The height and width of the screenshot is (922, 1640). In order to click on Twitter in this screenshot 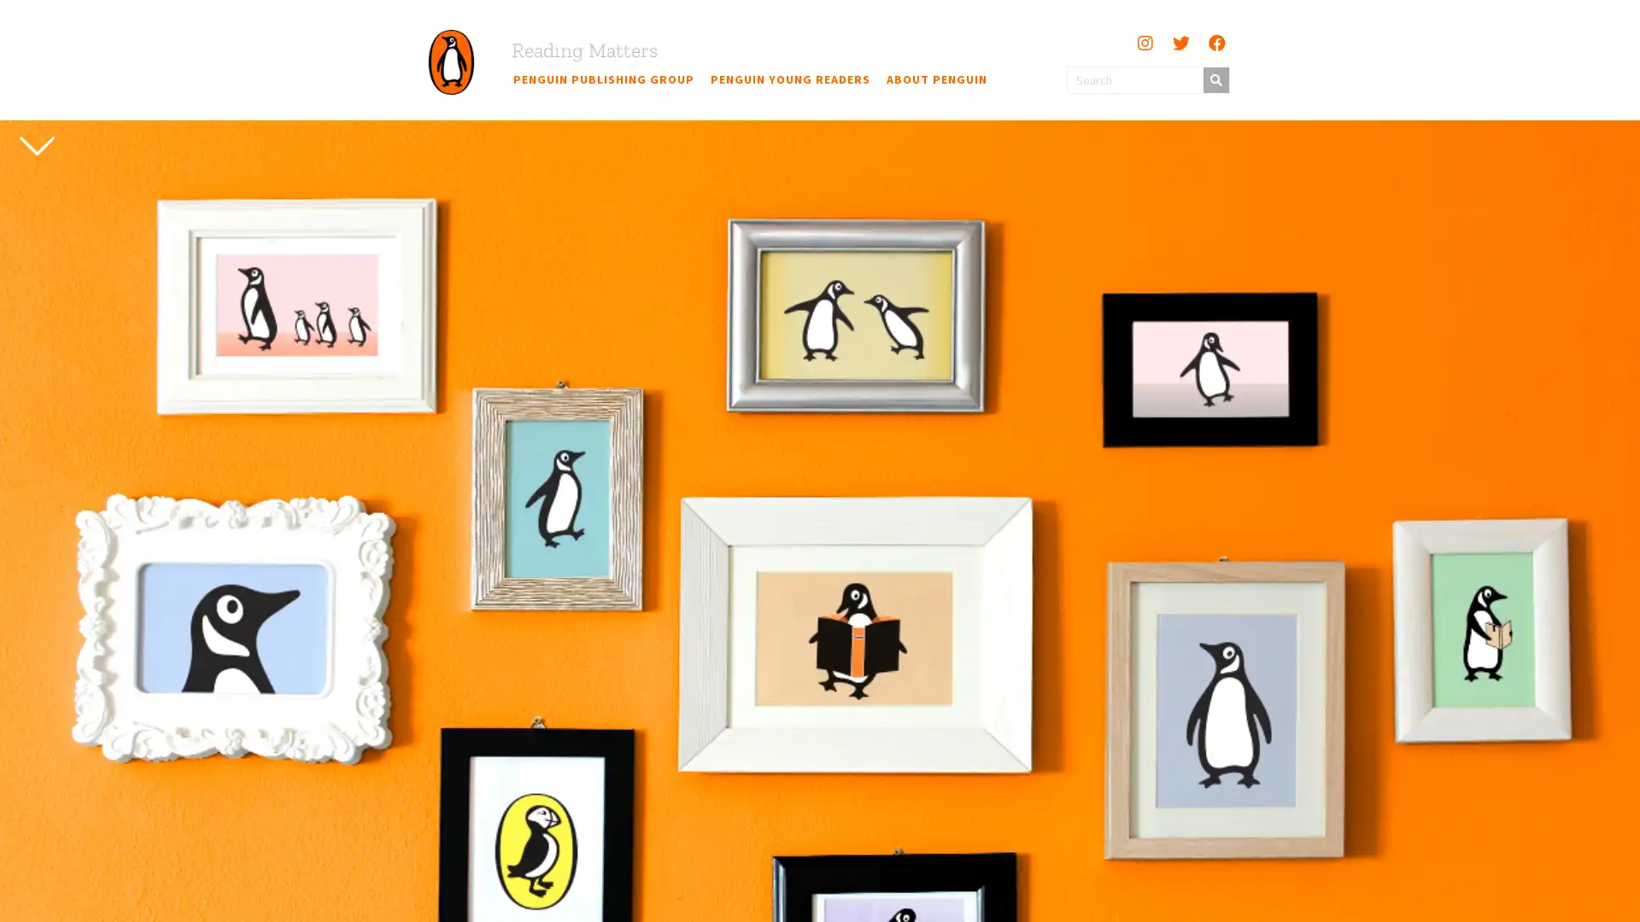, I will do `click(1180, 42)`.